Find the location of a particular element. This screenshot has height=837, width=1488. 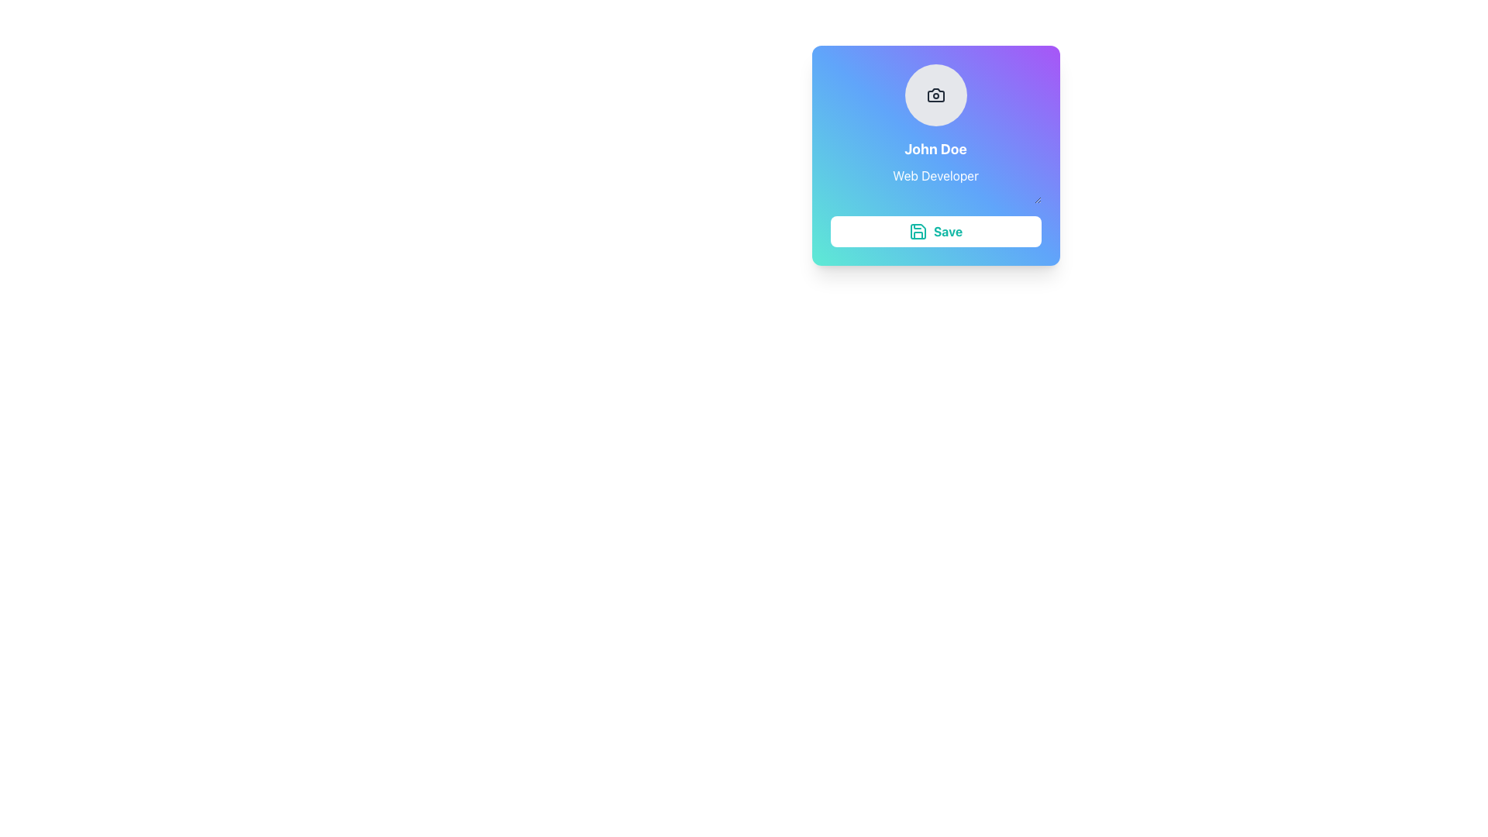

the save icon, which is the leftmost item of the 'Save' button, positioned to the left of the text label 'Save' is located at coordinates (918, 232).